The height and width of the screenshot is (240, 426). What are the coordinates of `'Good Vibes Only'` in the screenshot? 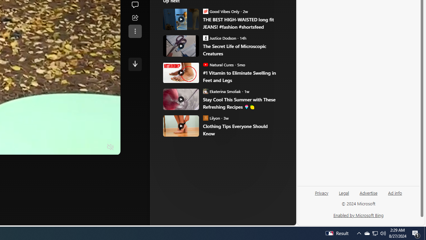 It's located at (205, 11).